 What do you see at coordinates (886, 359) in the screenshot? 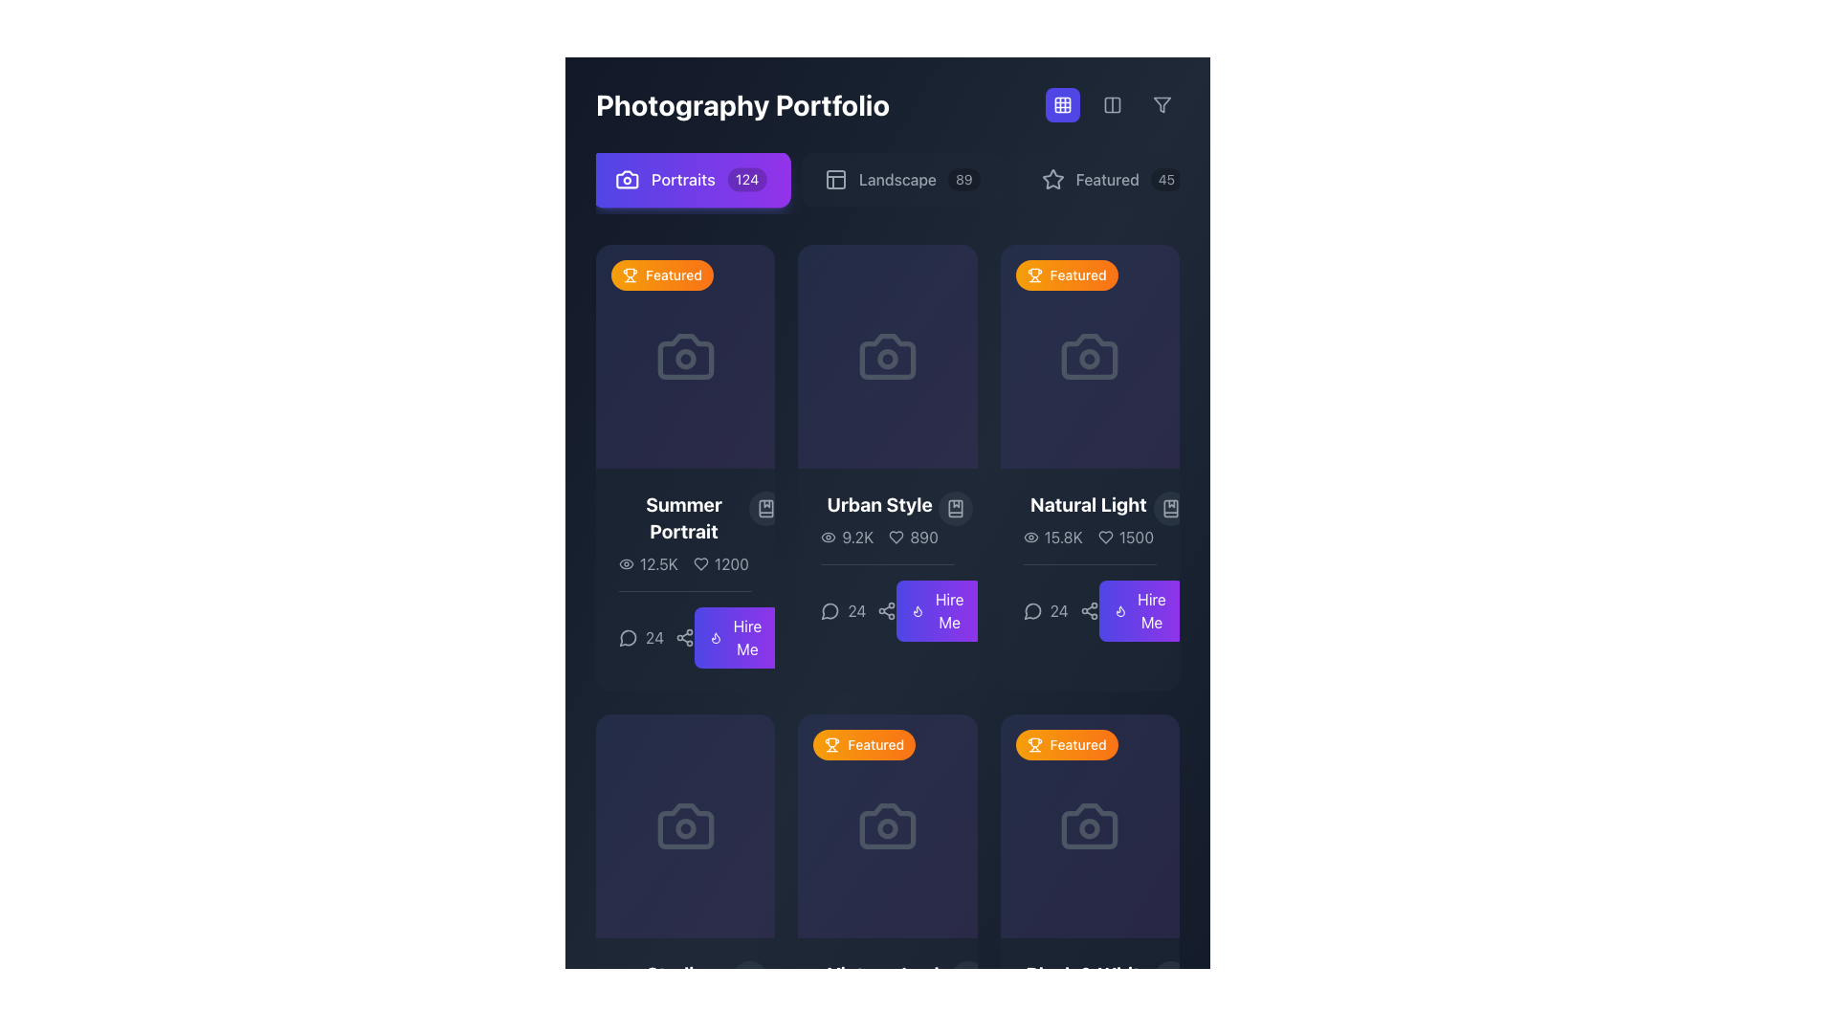
I see `the circular lens element of the camera icon, which is visually represented in the grid layout as the second icon in the first row` at bounding box center [886, 359].